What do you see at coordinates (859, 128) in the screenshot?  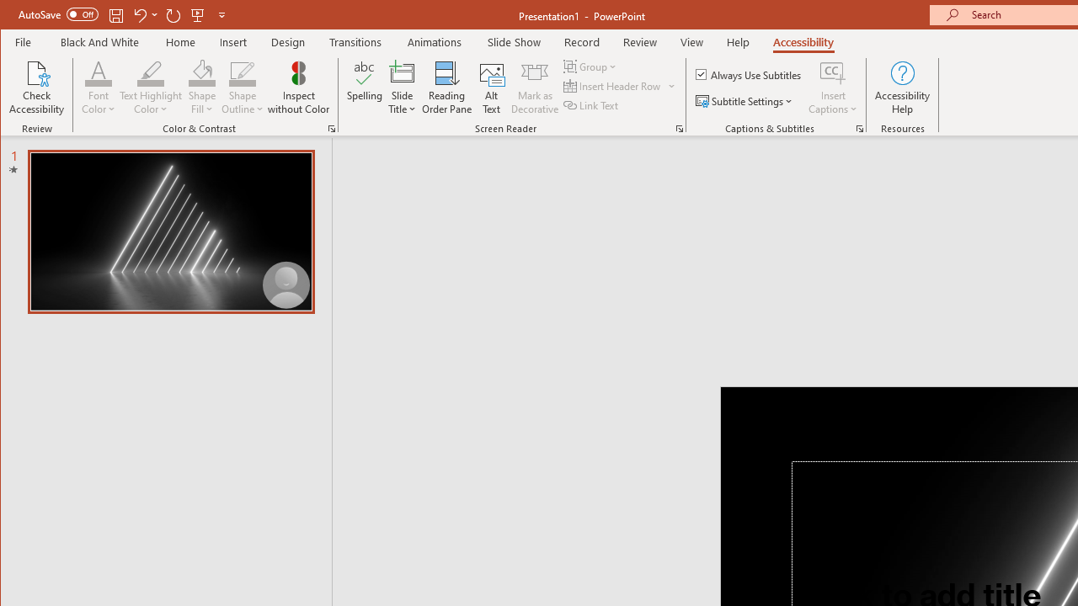 I see `'Captions & Subtitles'` at bounding box center [859, 128].